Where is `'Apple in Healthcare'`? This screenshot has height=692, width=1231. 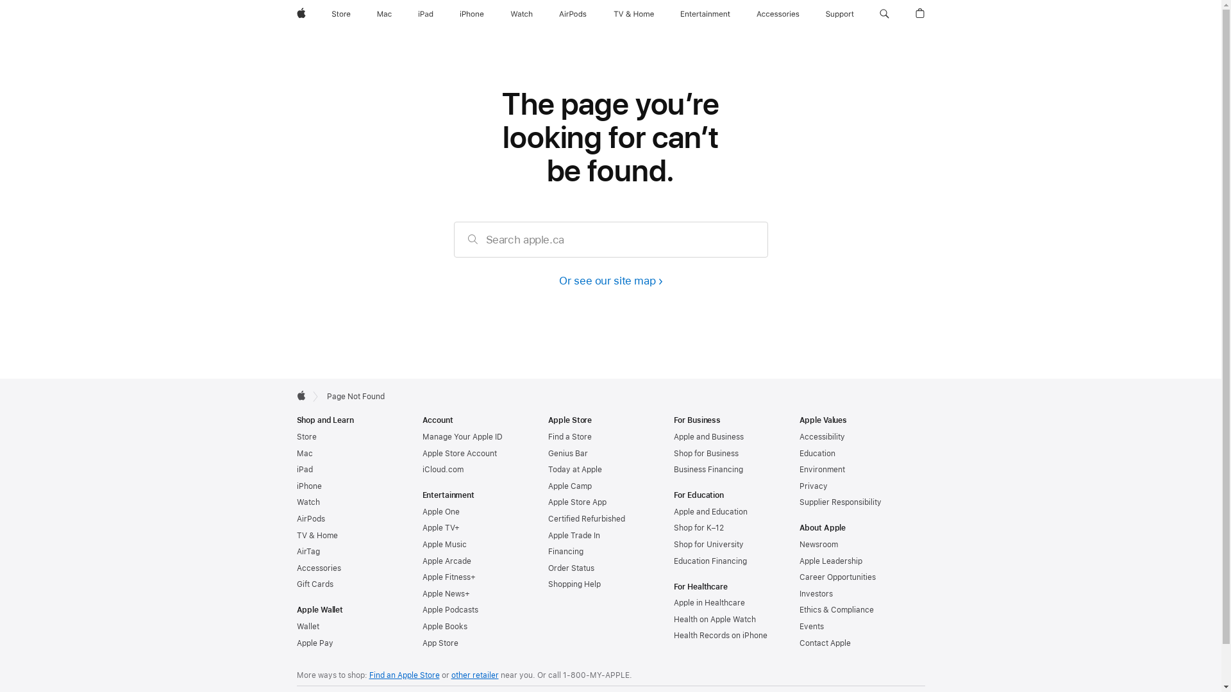 'Apple in Healthcare' is located at coordinates (708, 603).